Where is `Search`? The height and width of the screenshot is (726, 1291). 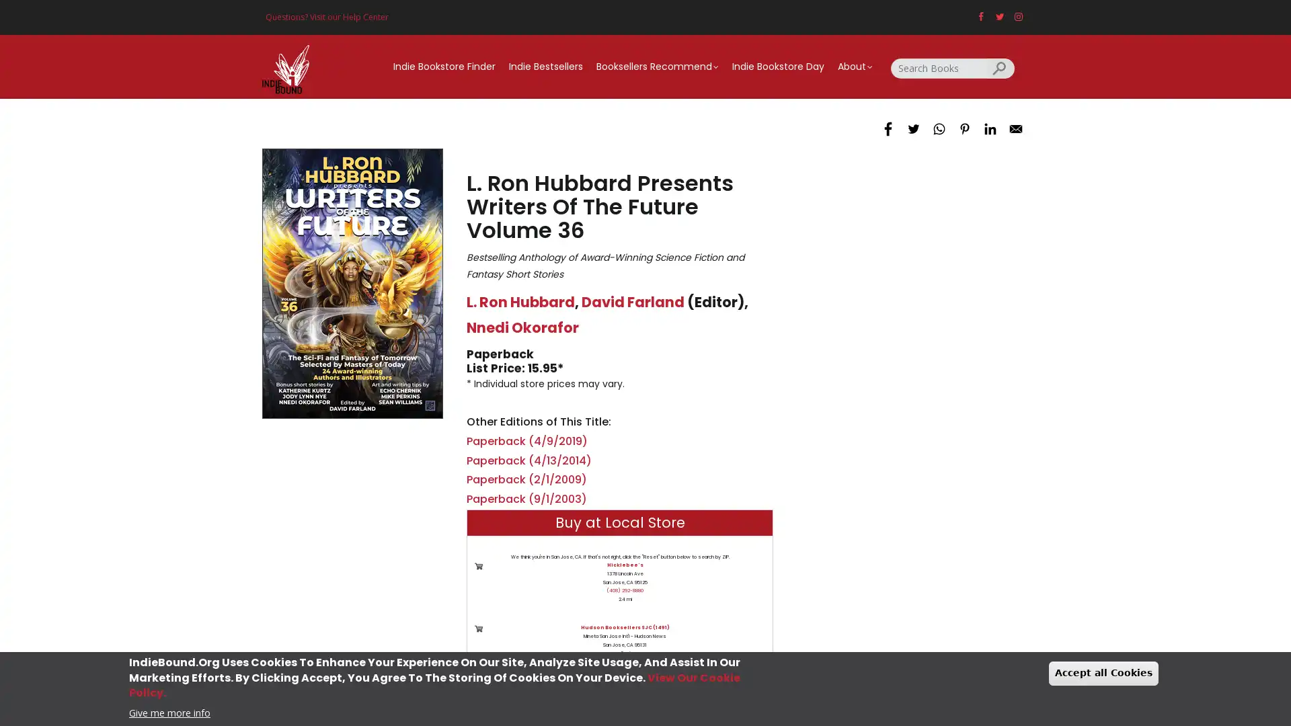
Search is located at coordinates (1001, 67).